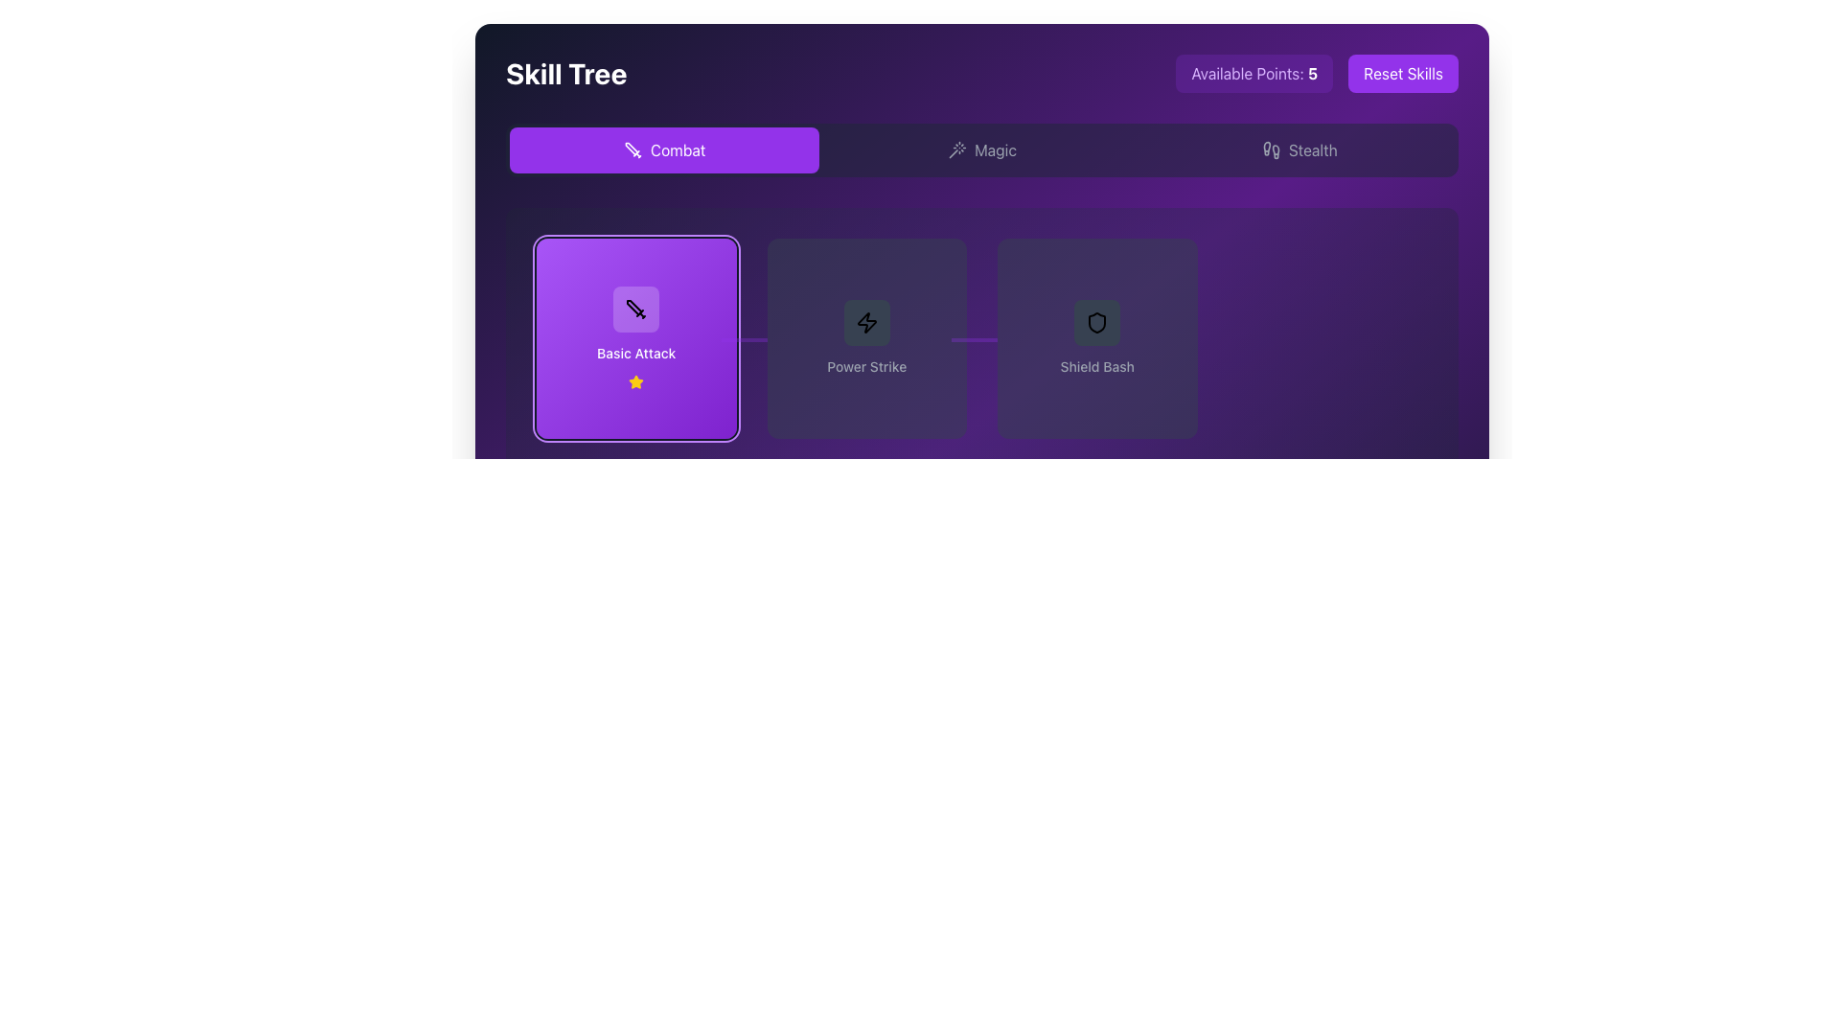 This screenshot has height=1035, width=1840. What do you see at coordinates (664, 149) in the screenshot?
I see `the purple 'Combat' button with a sword icon` at bounding box center [664, 149].